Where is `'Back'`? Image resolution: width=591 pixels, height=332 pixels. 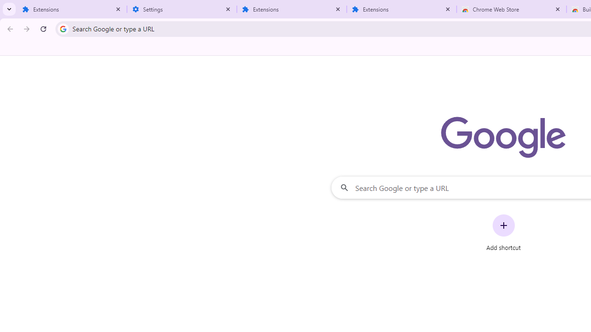
'Back' is located at coordinates (9, 28).